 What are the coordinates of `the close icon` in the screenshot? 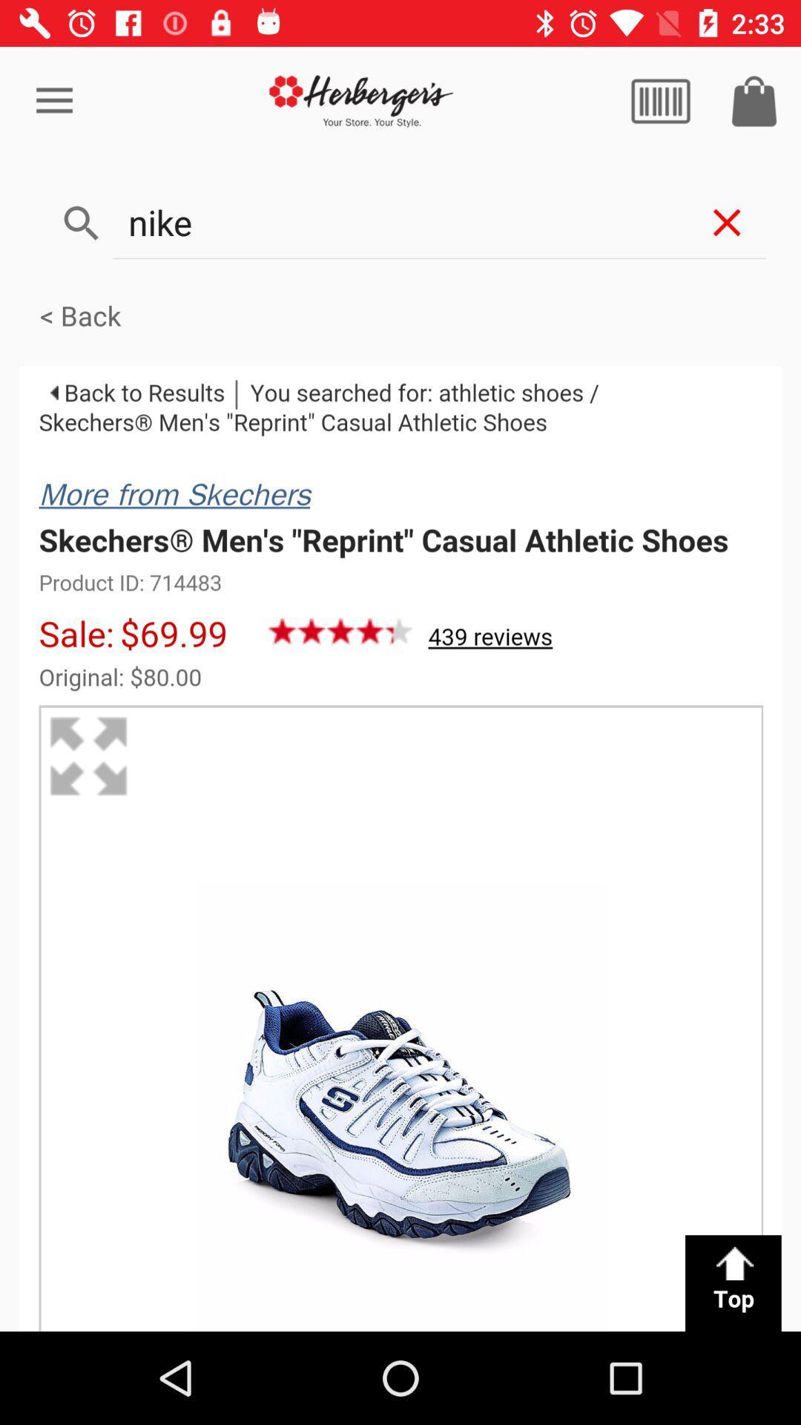 It's located at (726, 221).